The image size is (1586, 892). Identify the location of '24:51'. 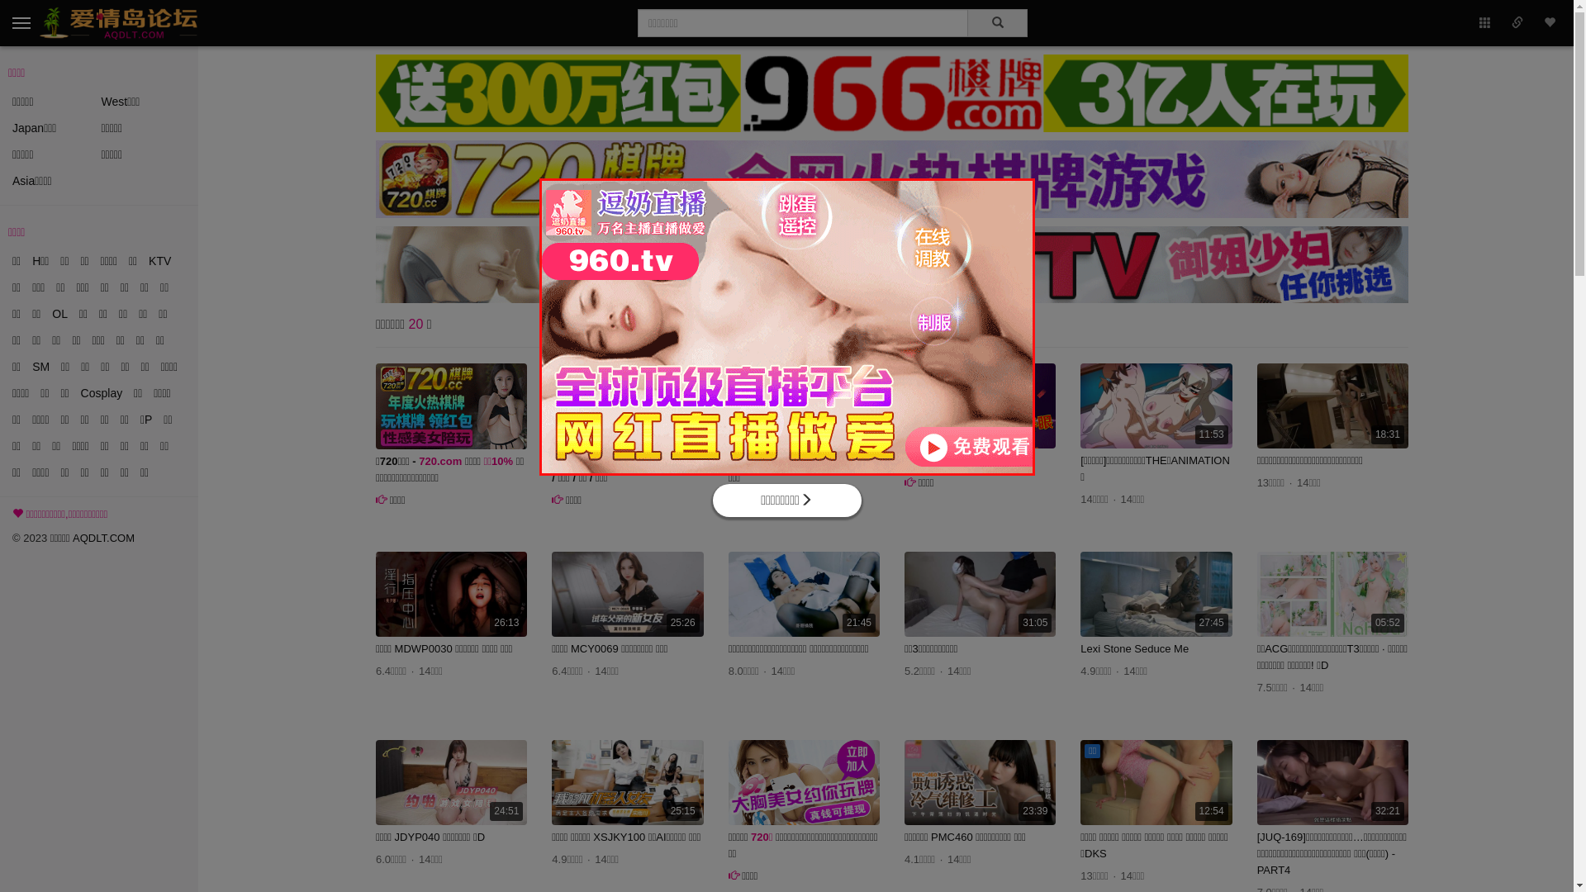
(451, 781).